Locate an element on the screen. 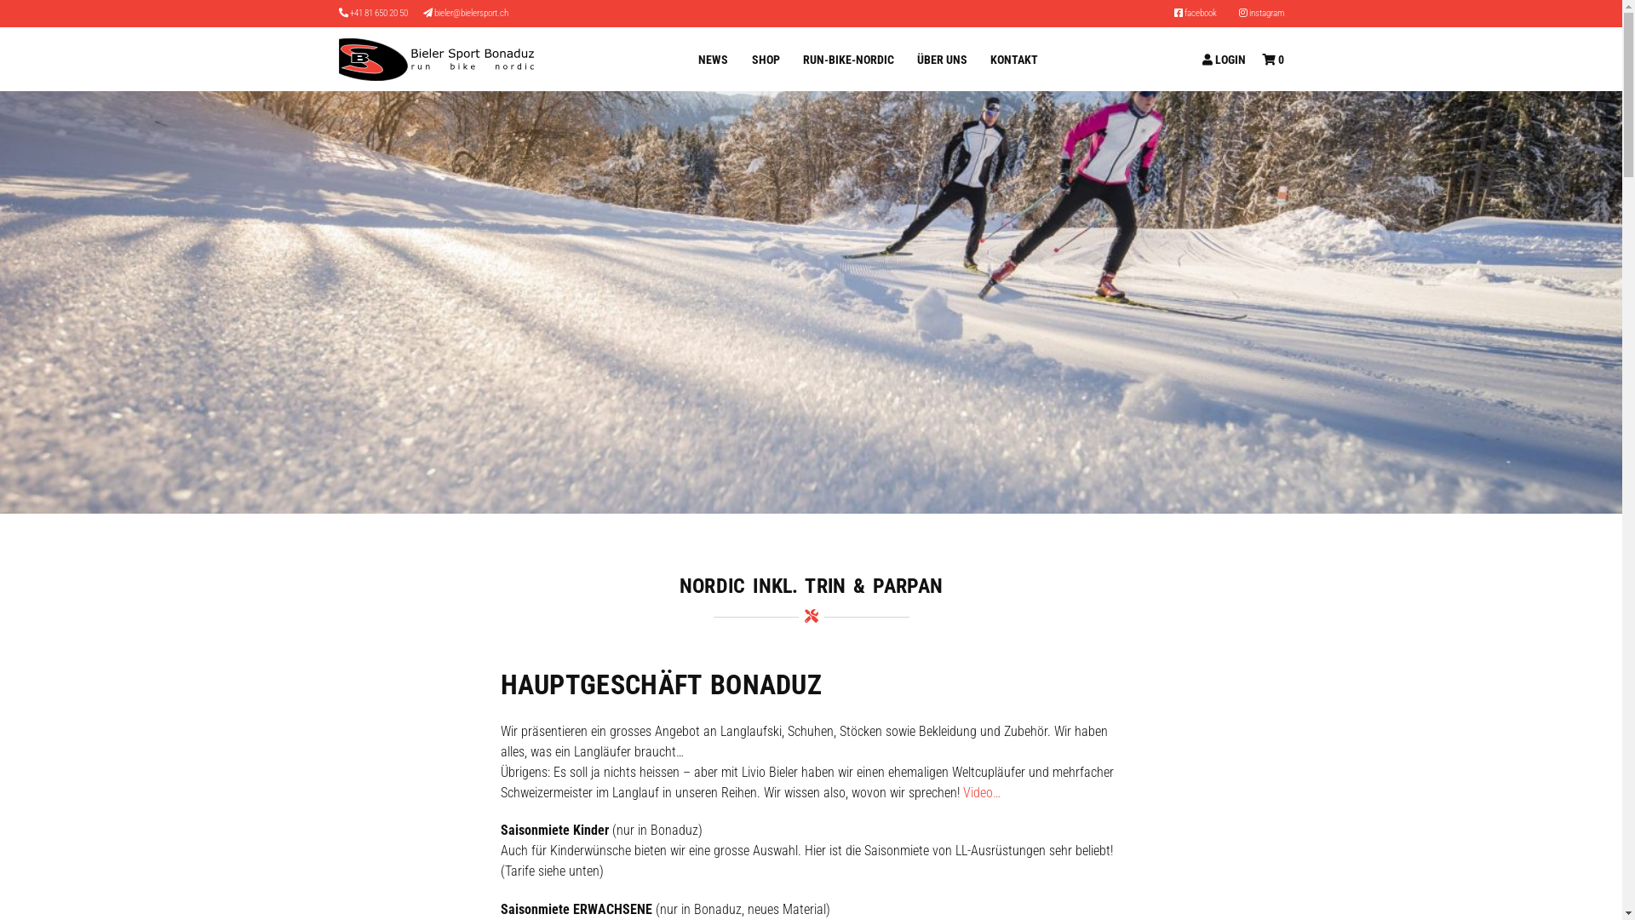 The height and width of the screenshot is (920, 1635). 'SHOP' is located at coordinates (765, 58).